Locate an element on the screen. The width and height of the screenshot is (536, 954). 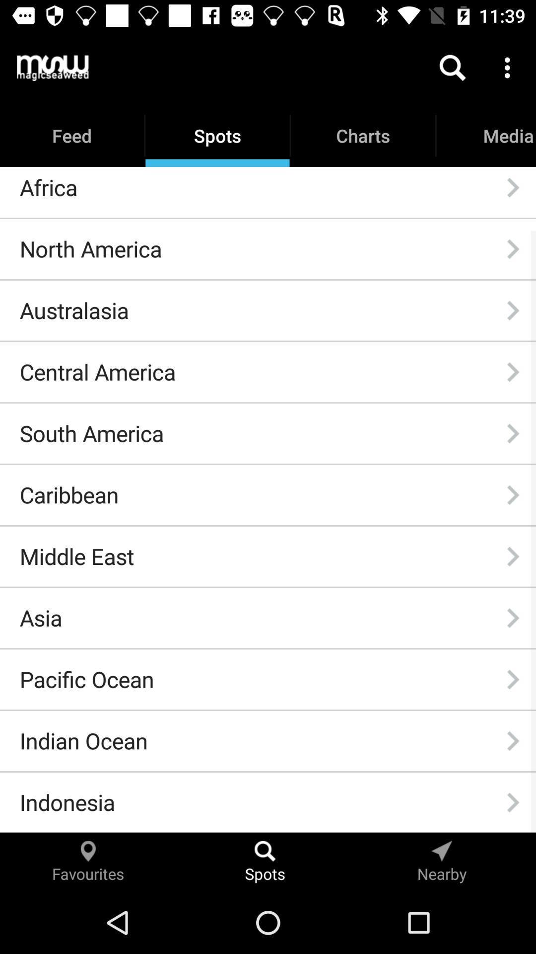
the icon above feed is located at coordinates (53, 67).